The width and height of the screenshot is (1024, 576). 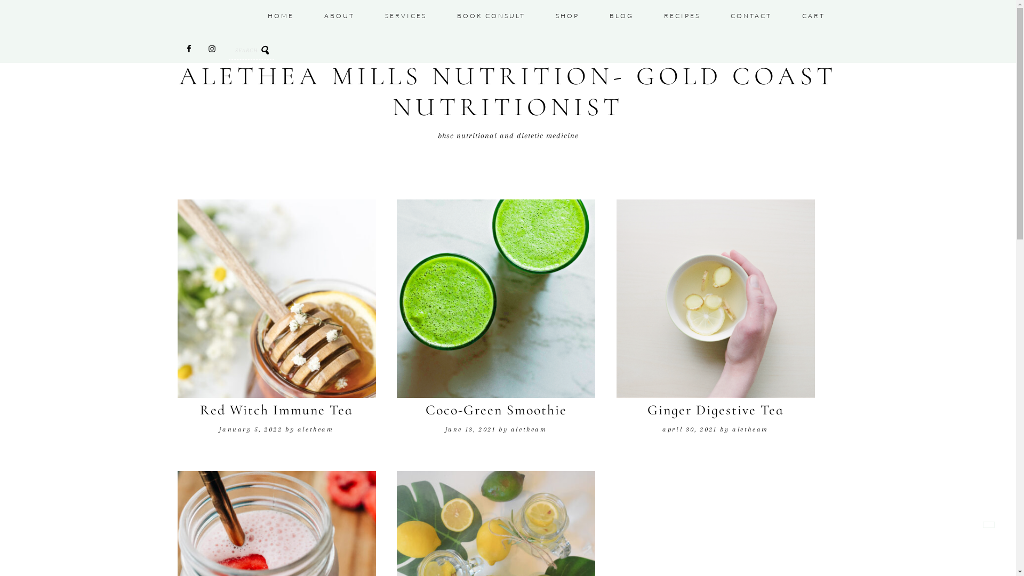 I want to click on 'RECIPES', so click(x=681, y=16).